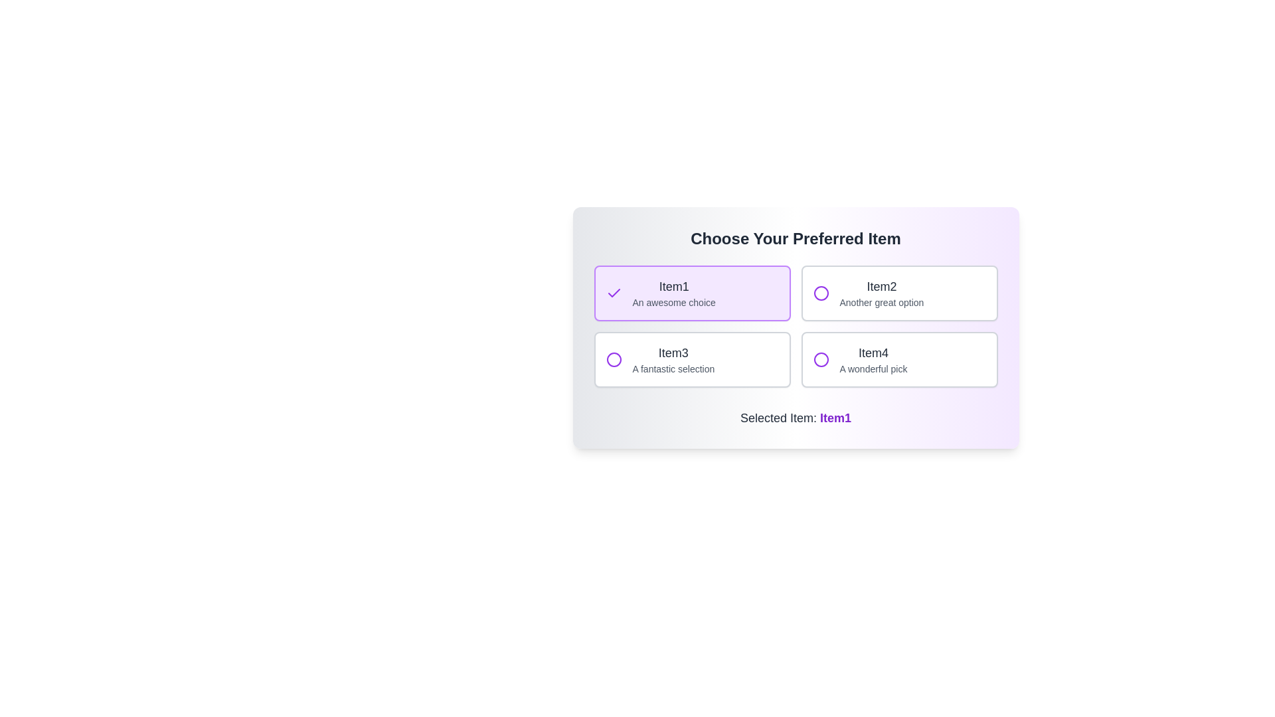  I want to click on the circular icon with a hollow center located in the upper section of the interface, aligned with the 'Item2: Another great option.', so click(820, 293).